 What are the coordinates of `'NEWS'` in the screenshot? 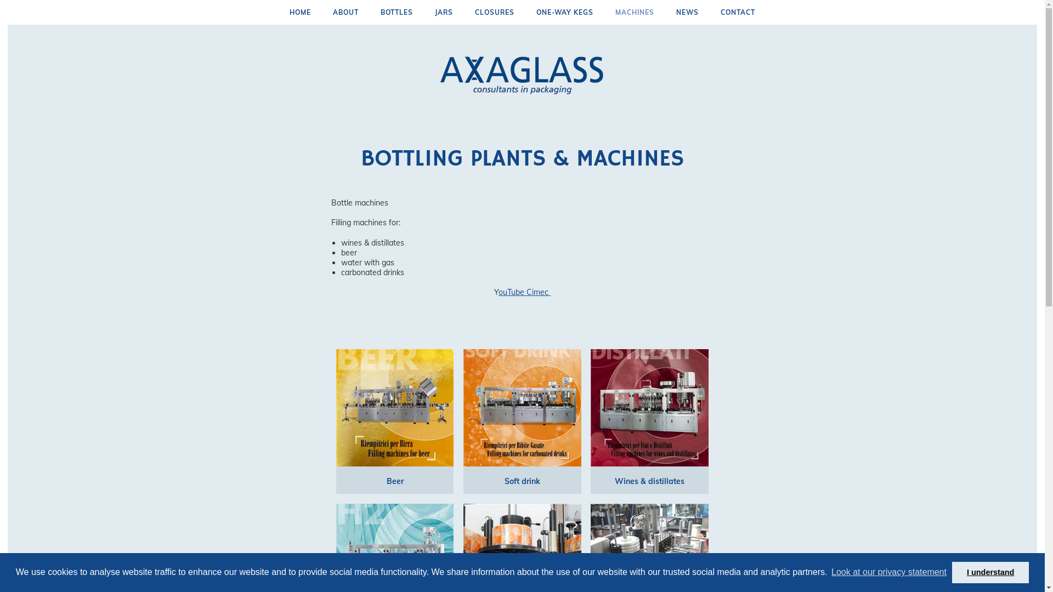 It's located at (687, 12).